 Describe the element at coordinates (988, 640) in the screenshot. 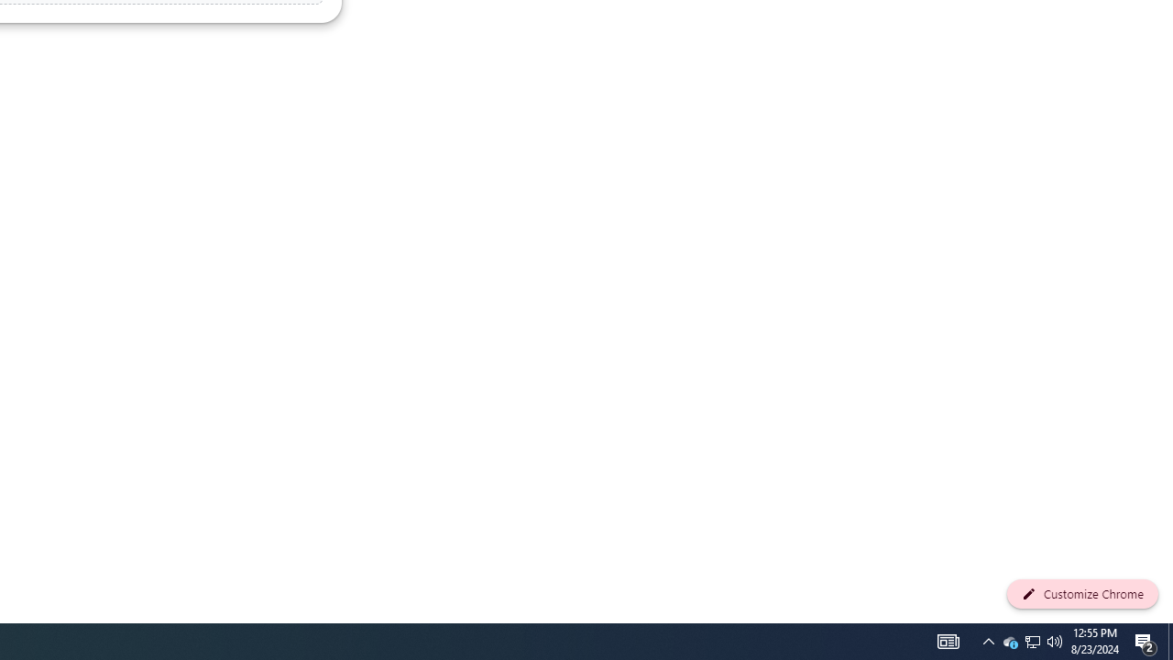

I see `'Notification Chevron'` at that location.